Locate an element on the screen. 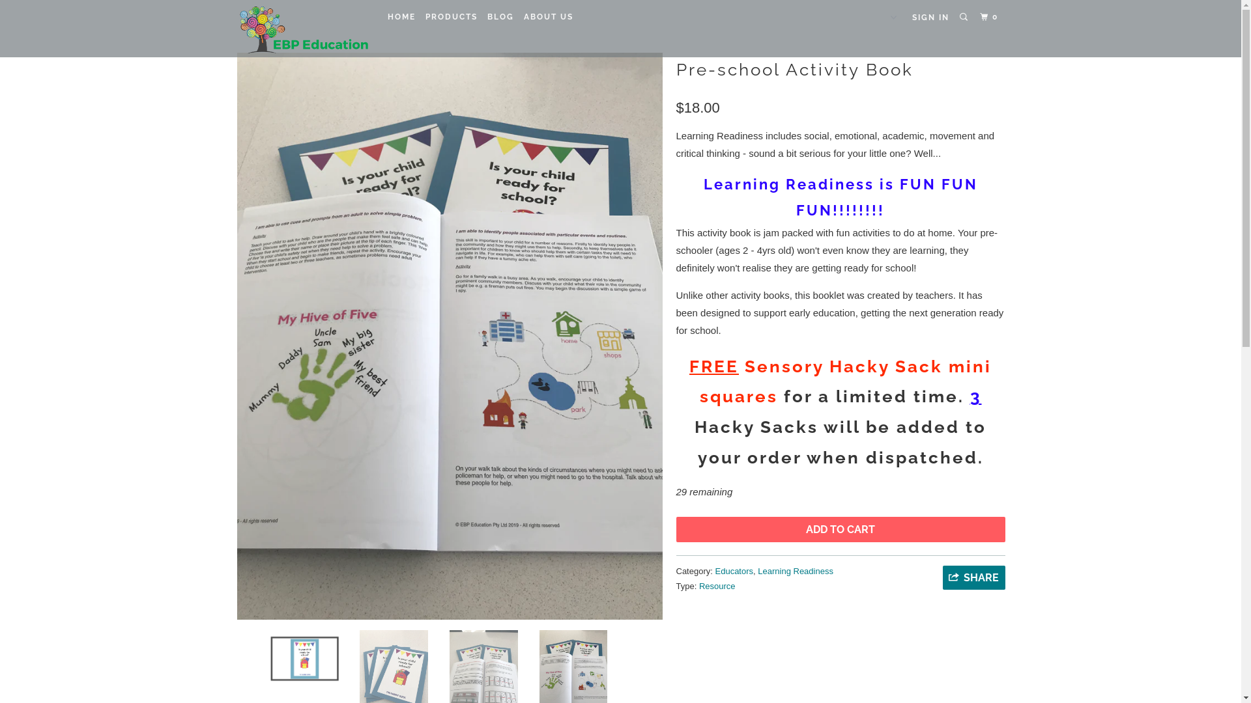  'Search' is located at coordinates (965, 17).